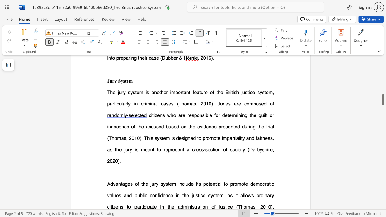 Image resolution: width=386 pixels, height=217 pixels. Describe the element at coordinates (217, 149) in the screenshot. I see `the 2th character "o" in the text` at that location.